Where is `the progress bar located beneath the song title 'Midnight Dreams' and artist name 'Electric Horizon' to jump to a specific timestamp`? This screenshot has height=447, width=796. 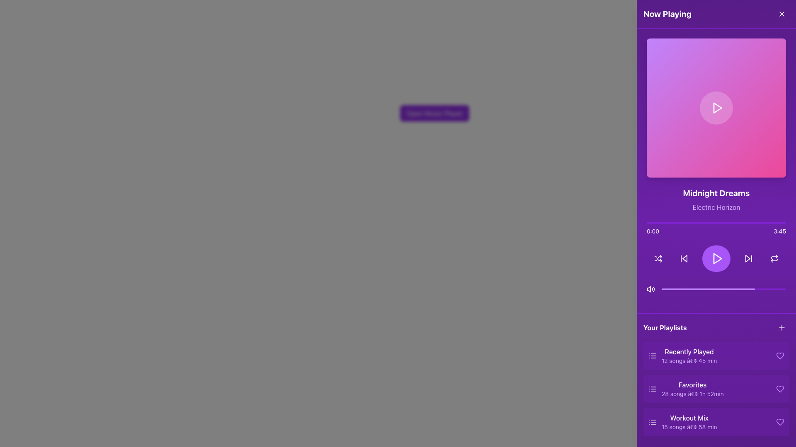
the progress bar located beneath the song title 'Midnight Dreams' and artist name 'Electric Horizon' to jump to a specific timestamp is located at coordinates (716, 223).